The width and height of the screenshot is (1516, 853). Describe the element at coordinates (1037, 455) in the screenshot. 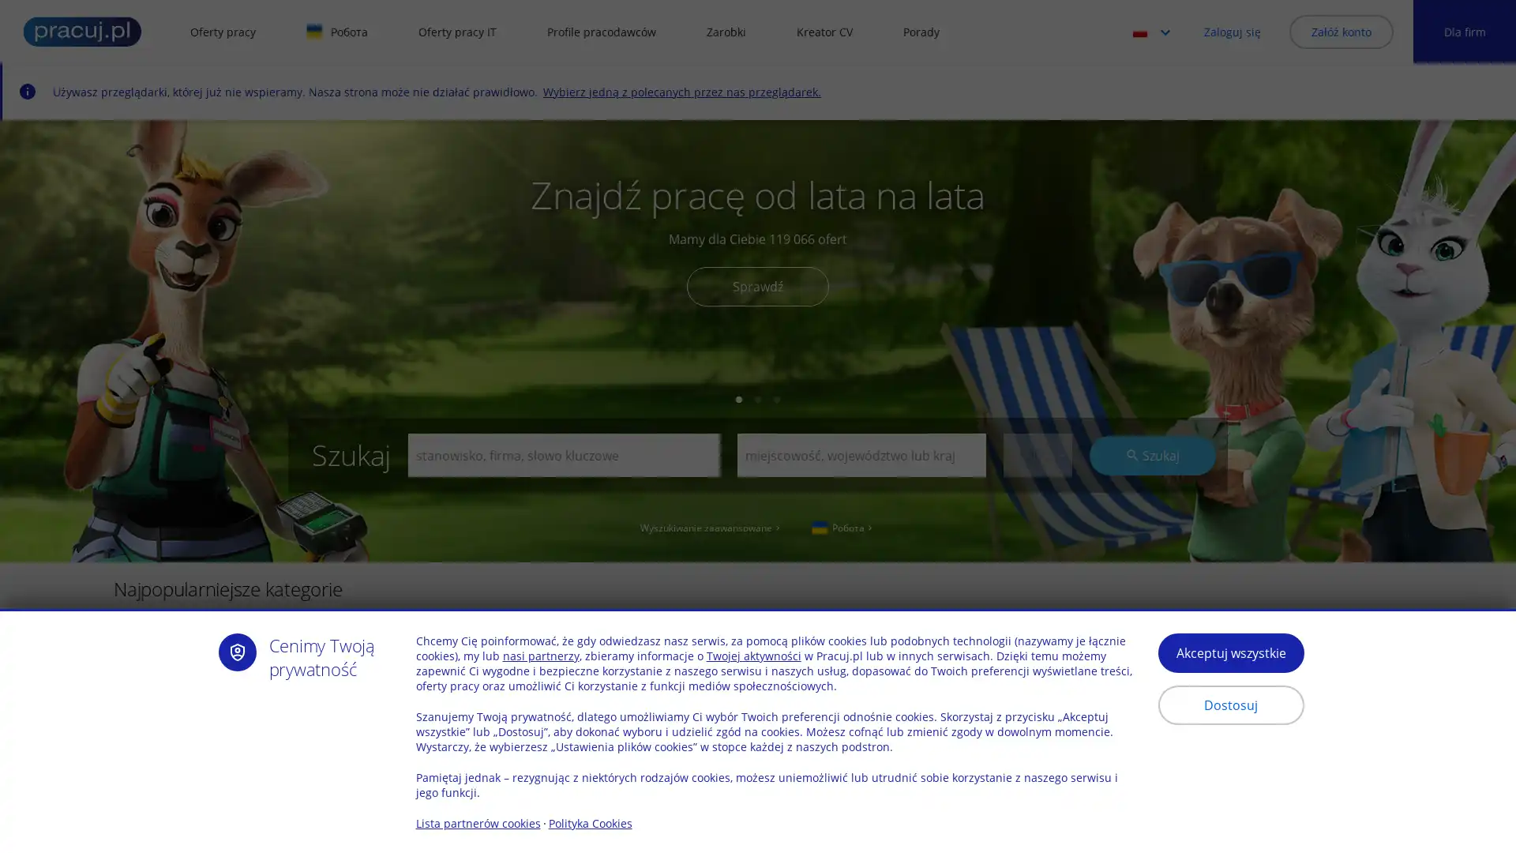

I see `+ 30 km` at that location.